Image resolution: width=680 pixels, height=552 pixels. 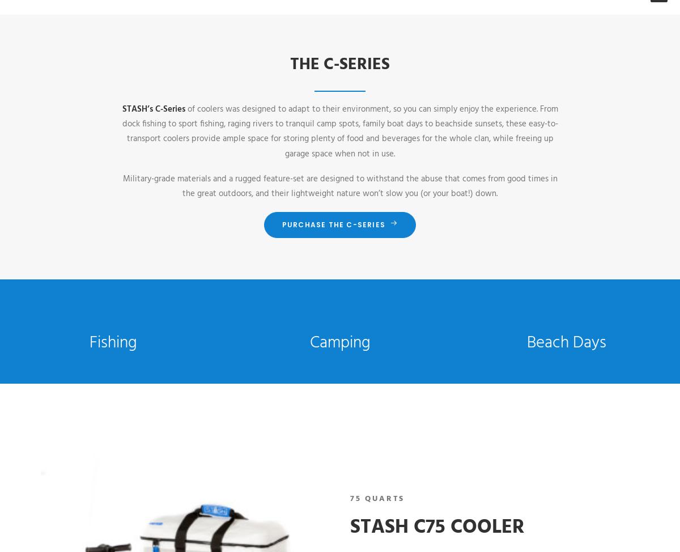 I want to click on 'The C-Series', so click(x=290, y=64).